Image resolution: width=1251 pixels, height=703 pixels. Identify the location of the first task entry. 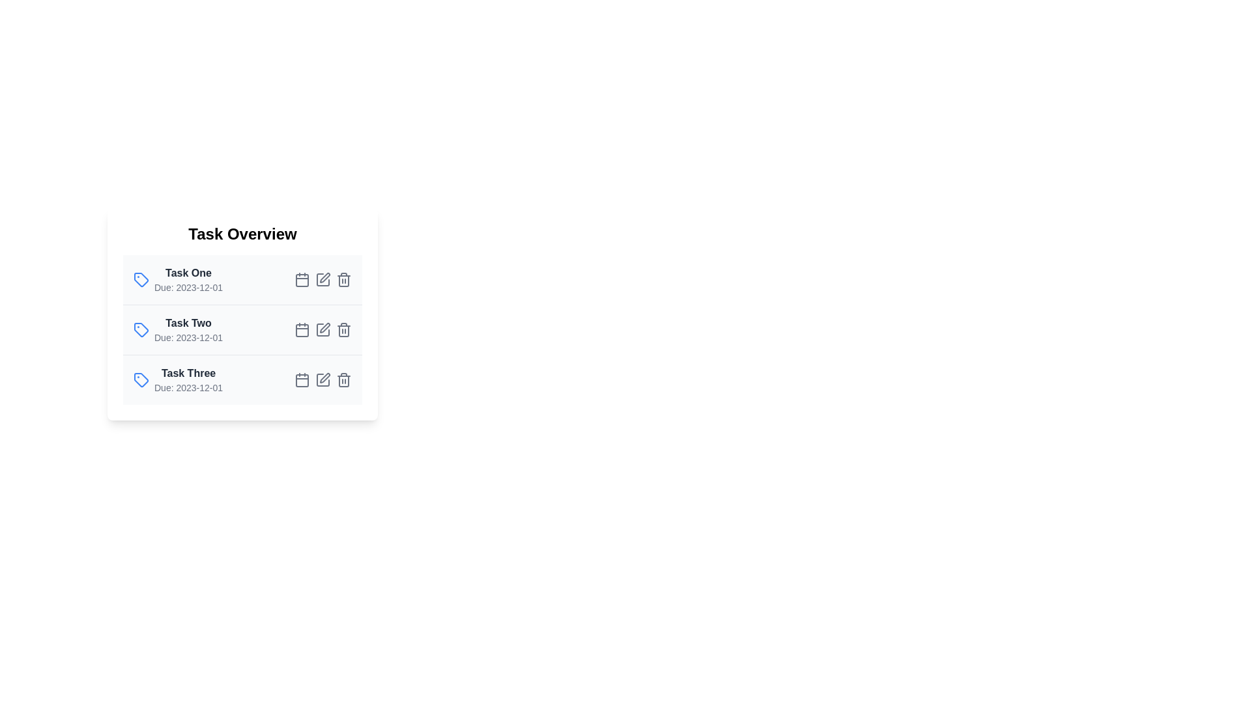
(177, 279).